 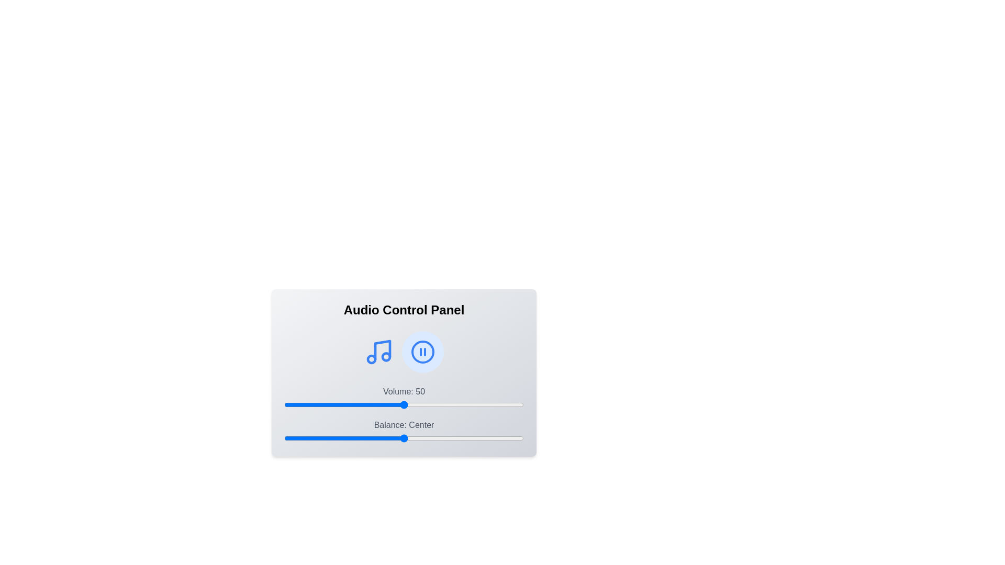 I want to click on the slider value, so click(x=322, y=404).